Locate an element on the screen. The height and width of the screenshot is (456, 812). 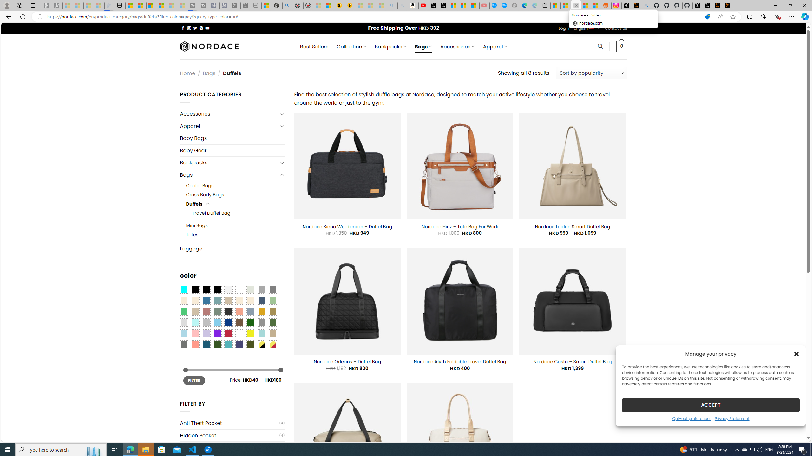
'Beige-Brown' is located at coordinates (194, 300).